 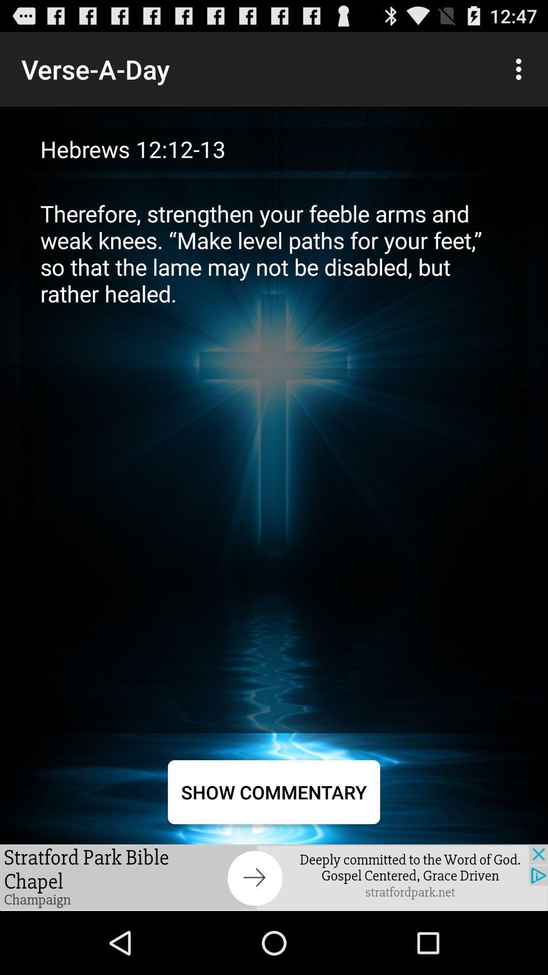 What do you see at coordinates (274, 792) in the screenshot?
I see `show commentary` at bounding box center [274, 792].